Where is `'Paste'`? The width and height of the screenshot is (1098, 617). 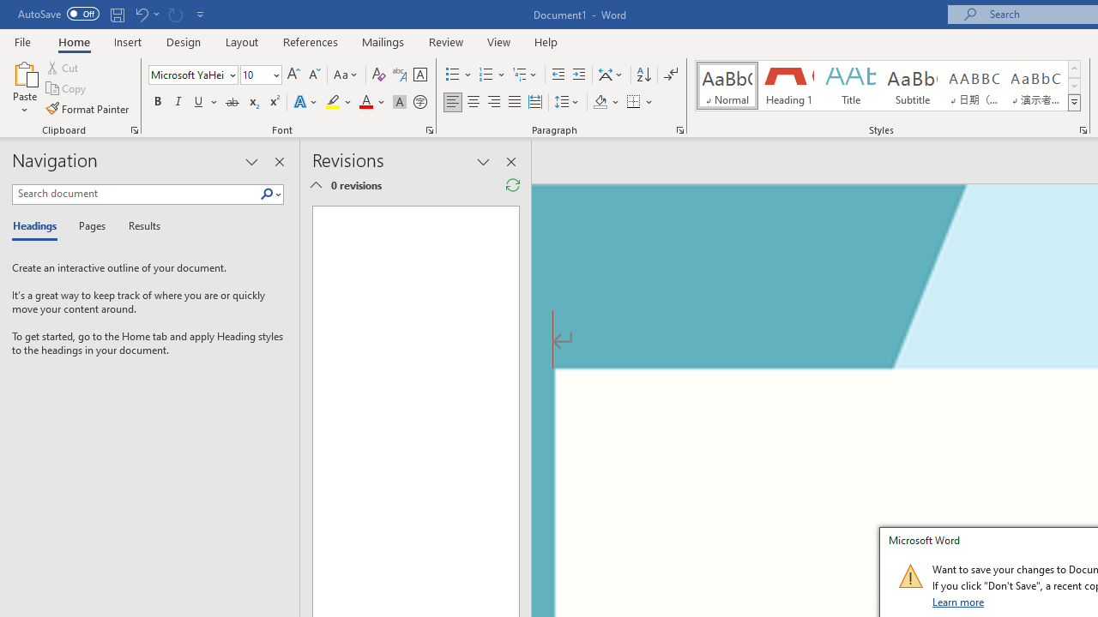
'Paste' is located at coordinates (24, 72).